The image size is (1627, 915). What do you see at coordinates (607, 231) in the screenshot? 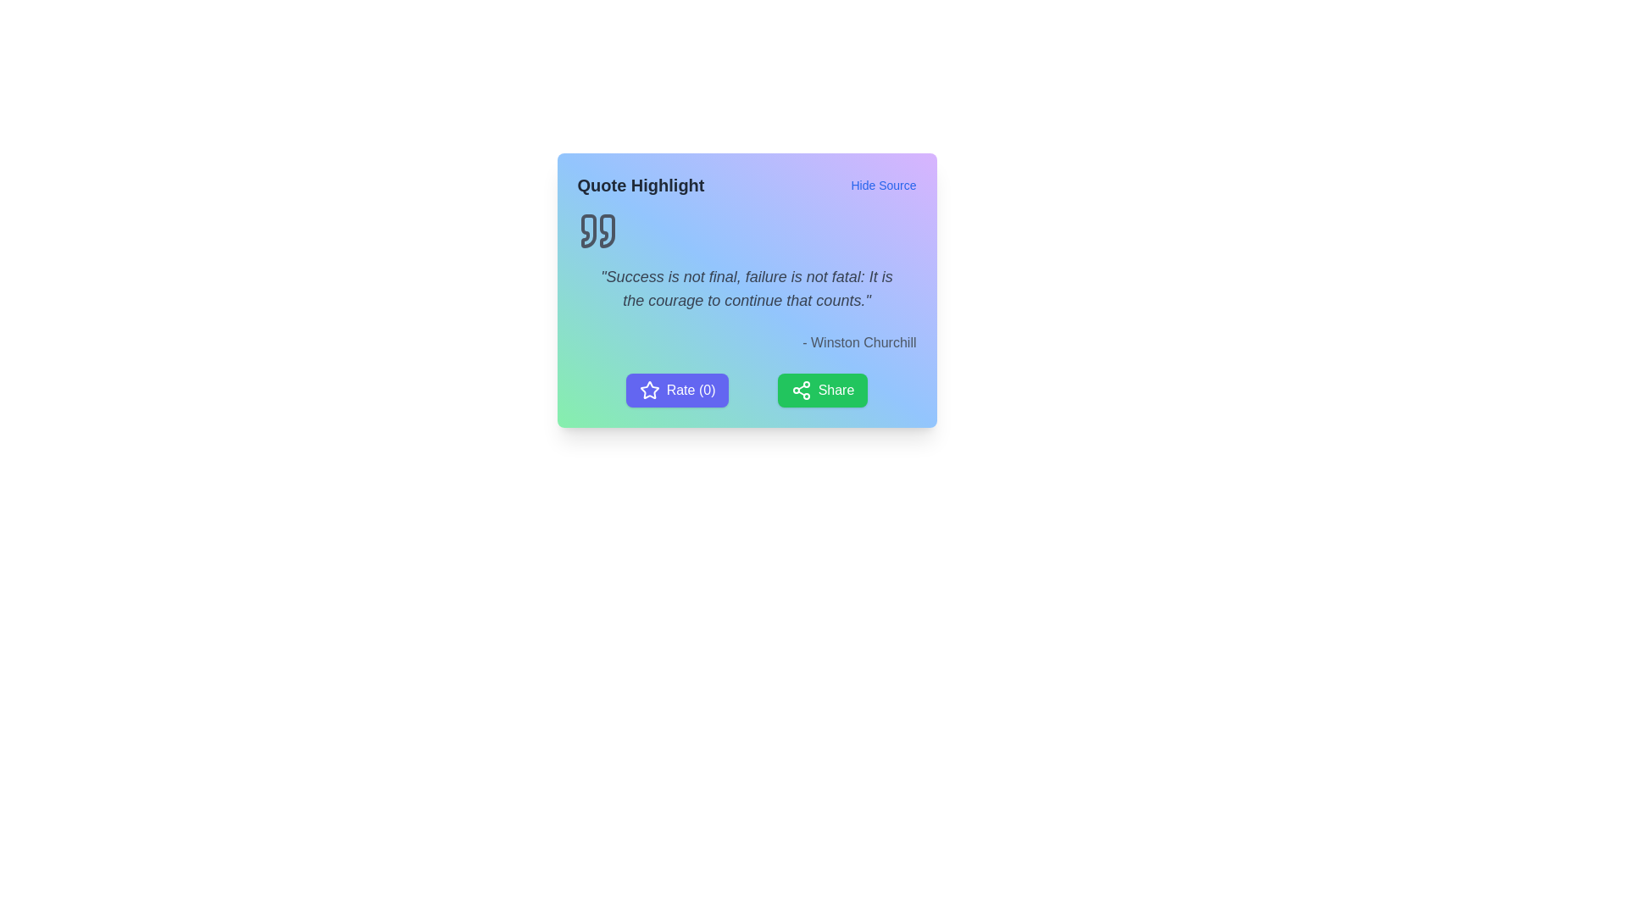
I see `the graphical icon that represents quoted text within the 'Quote Highlight' card, positioned to the right of the quotation mark icon` at bounding box center [607, 231].